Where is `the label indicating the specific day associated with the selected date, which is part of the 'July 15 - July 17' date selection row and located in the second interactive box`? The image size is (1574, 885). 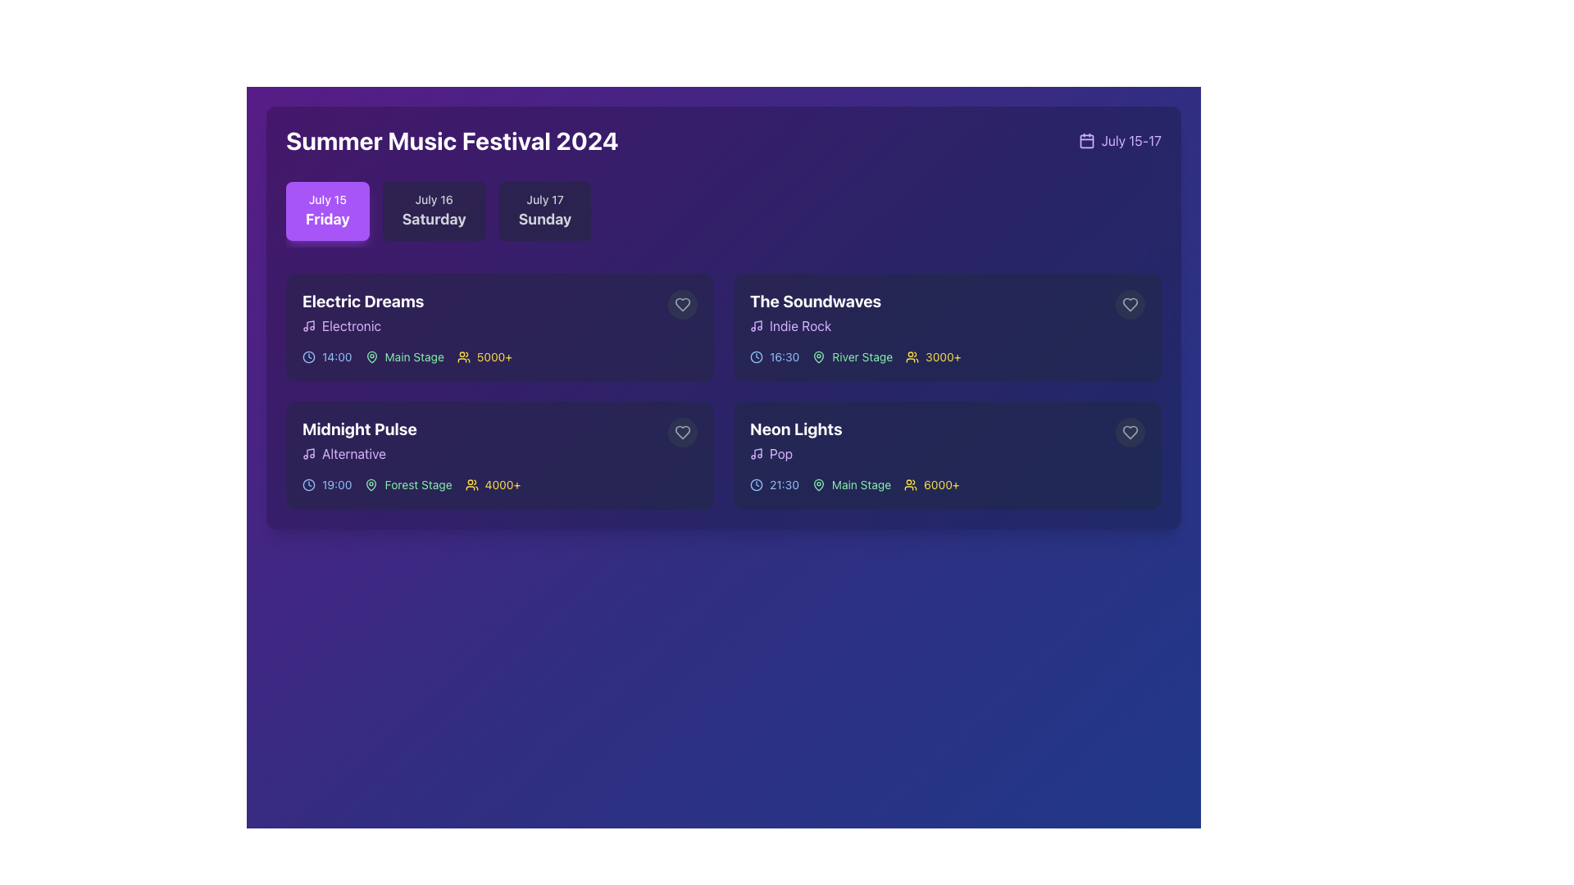 the label indicating the specific day associated with the selected date, which is part of the 'July 15 - July 17' date selection row and located in the second interactive box is located at coordinates (434, 218).